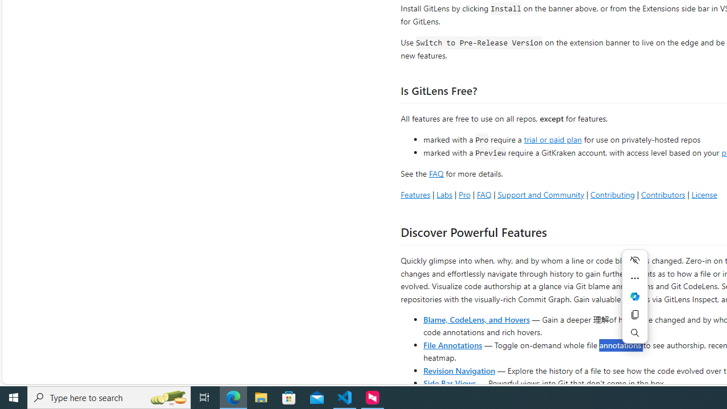  I want to click on 'Contributors', so click(663, 194).